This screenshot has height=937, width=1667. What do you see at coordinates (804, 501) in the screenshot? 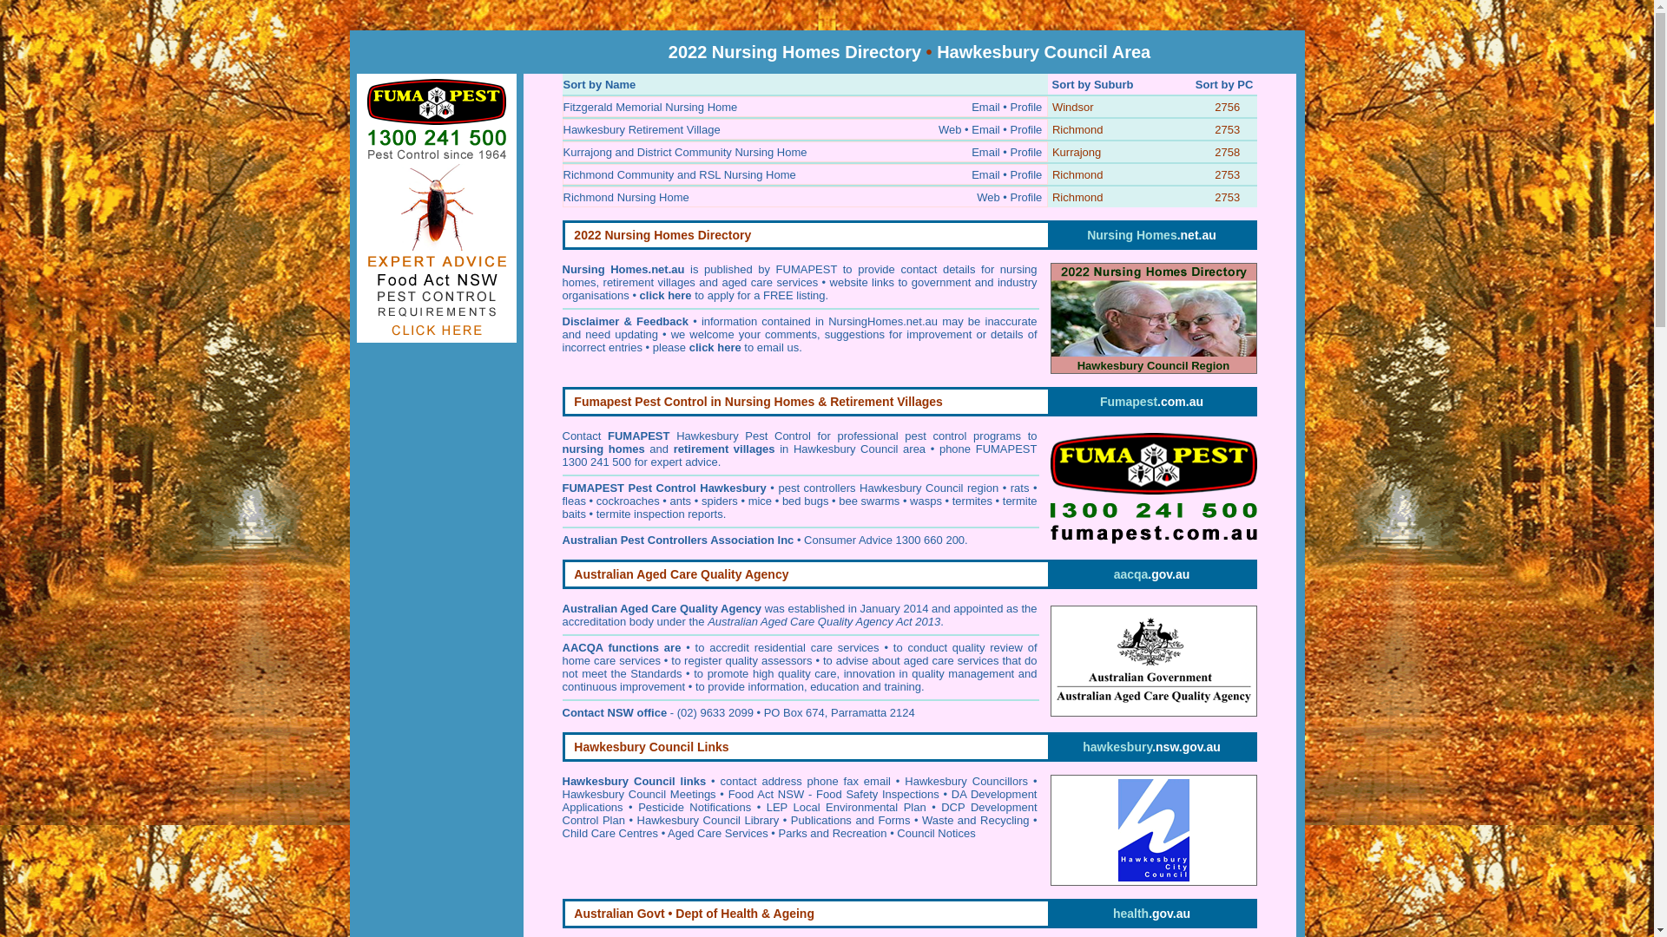
I see `'bed bugs'` at bounding box center [804, 501].